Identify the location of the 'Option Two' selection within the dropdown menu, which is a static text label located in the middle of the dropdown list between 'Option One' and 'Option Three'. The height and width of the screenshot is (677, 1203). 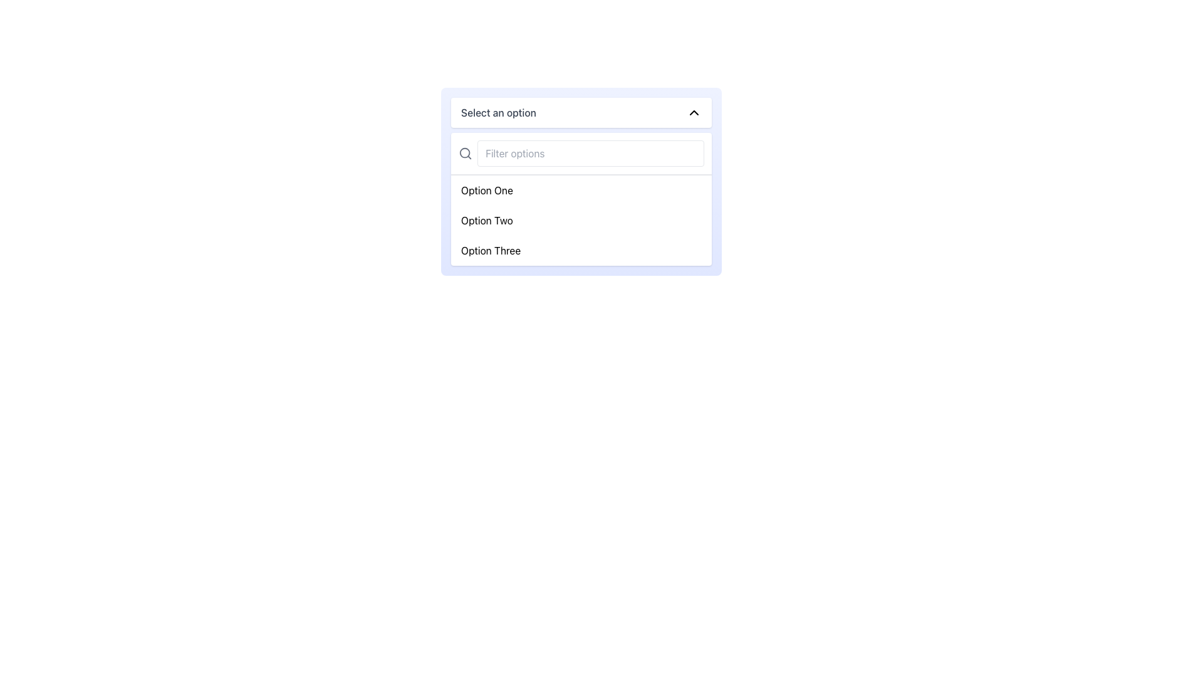
(486, 219).